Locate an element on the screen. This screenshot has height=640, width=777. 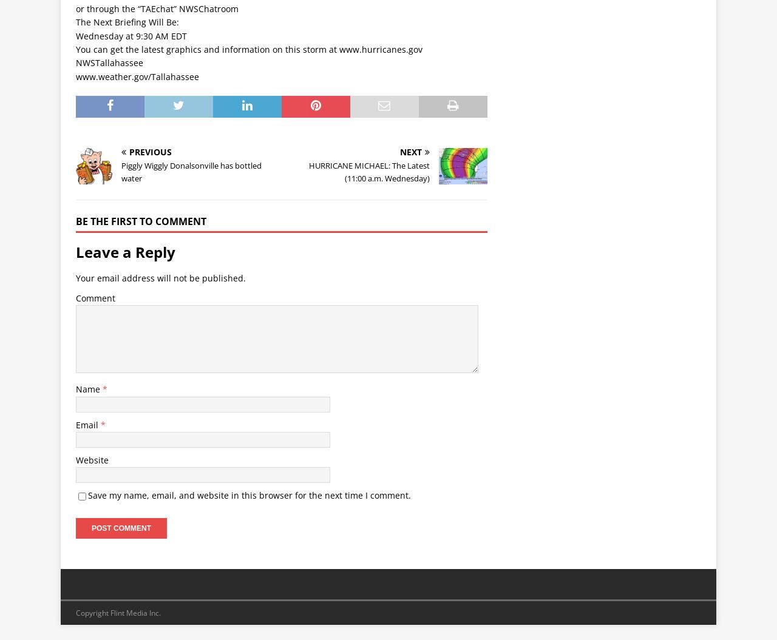
'or through the “TAEchat” NWSChatroom' is located at coordinates (156, 8).